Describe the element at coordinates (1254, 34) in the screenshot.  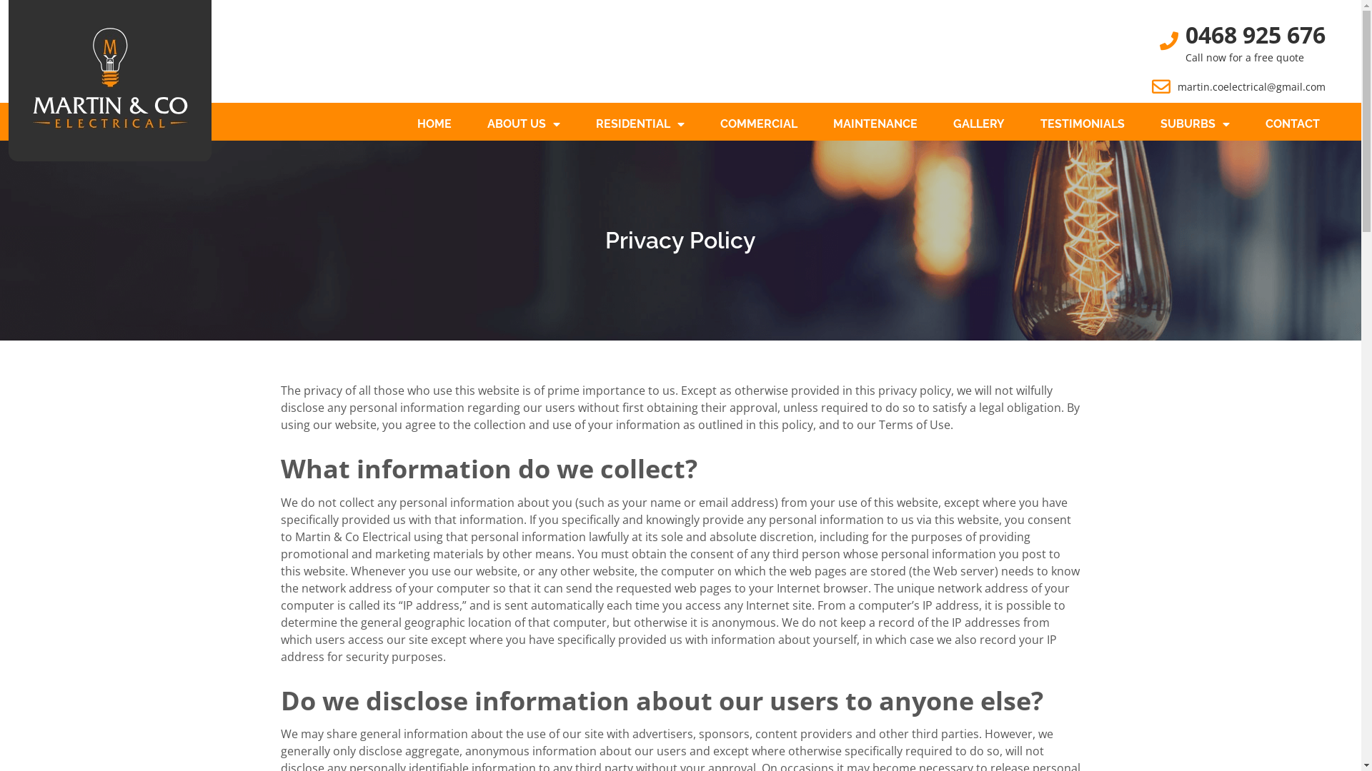
I see `'0468 925 676'` at that location.